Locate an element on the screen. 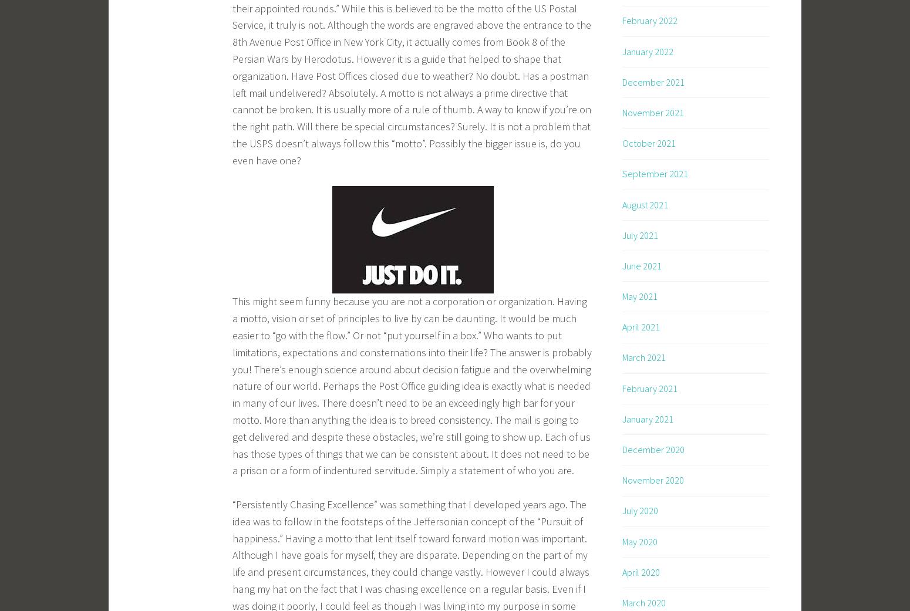 The height and width of the screenshot is (611, 910). 'May 2021' is located at coordinates (639, 295).